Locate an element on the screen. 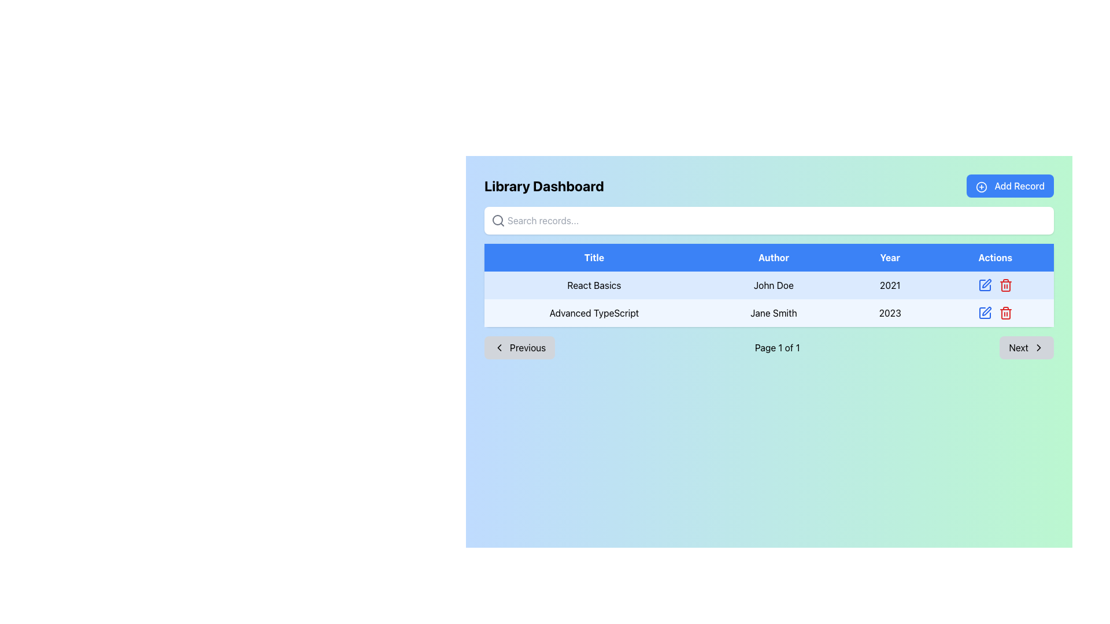 The width and height of the screenshot is (1110, 624). header information from the header cell with a blue background and white text that reads 'Title', which is the first column header in the tabular listing interface is located at coordinates (594, 257).